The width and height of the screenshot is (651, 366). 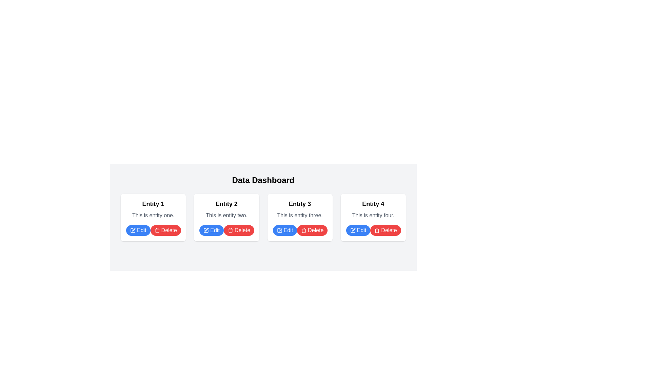 I want to click on the Icon button, which is a small graphic resembling a pen with a slanted square, located under the card labeled 'Entity 4' as the first icon in the button group, so click(x=280, y=229).